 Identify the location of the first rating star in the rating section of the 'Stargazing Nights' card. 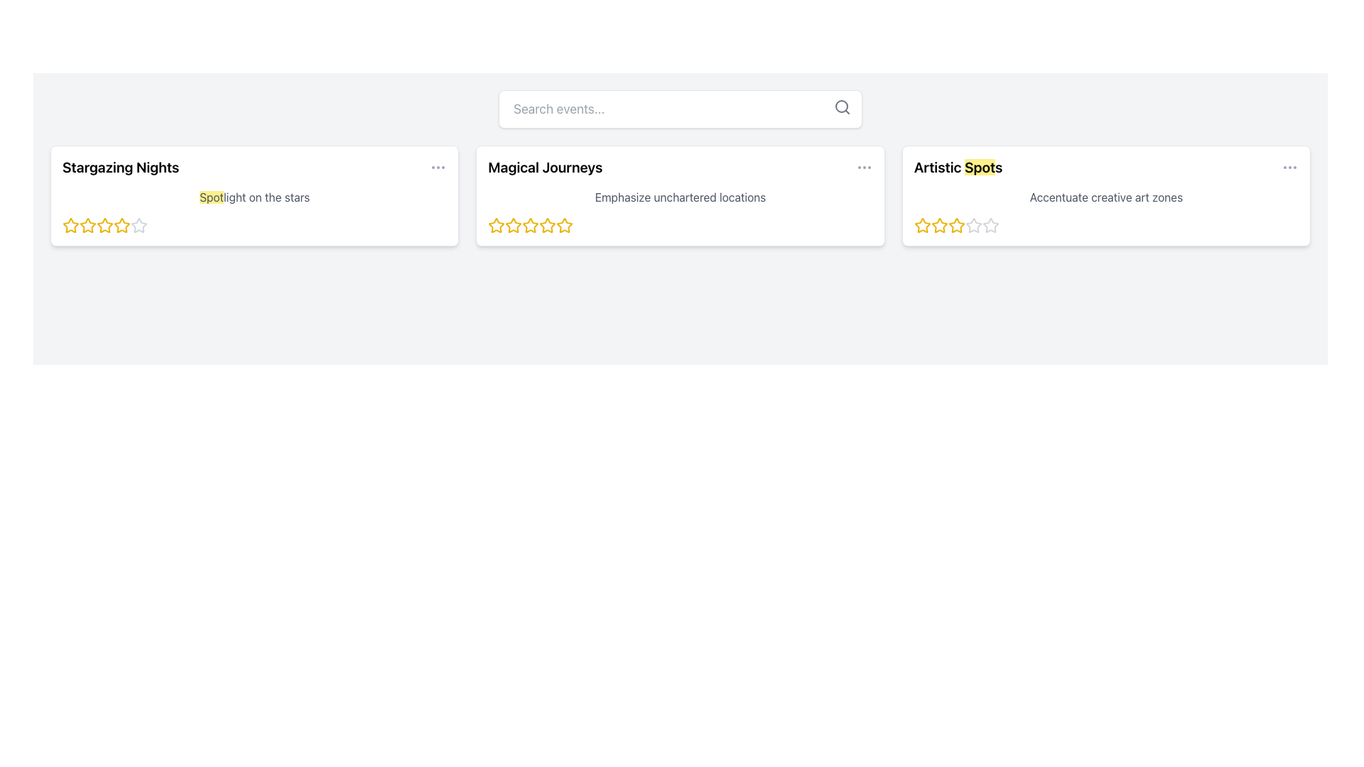
(70, 224).